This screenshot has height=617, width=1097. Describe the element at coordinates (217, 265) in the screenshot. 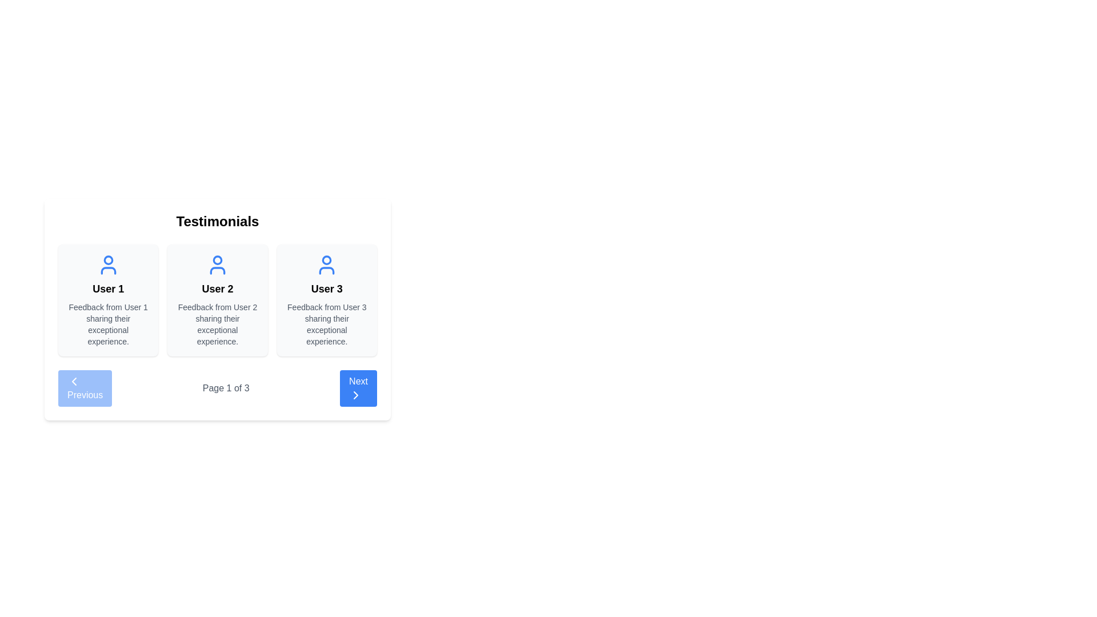

I see `the user avatar icon located in the second card from the left in a row of three user cards` at that location.